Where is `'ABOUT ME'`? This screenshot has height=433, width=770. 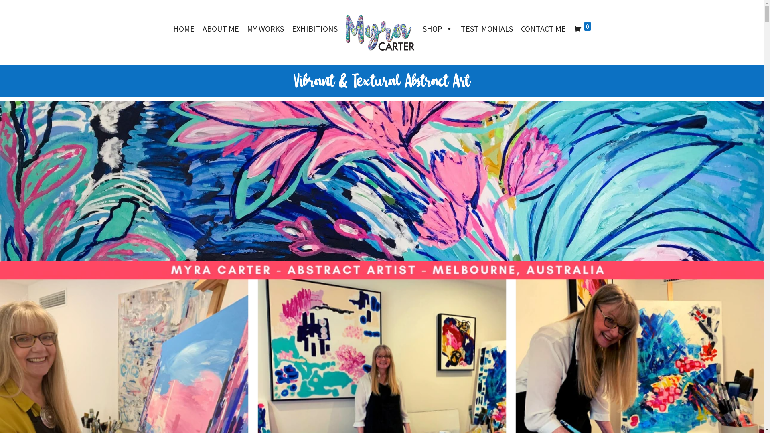
'ABOUT ME' is located at coordinates (221, 28).